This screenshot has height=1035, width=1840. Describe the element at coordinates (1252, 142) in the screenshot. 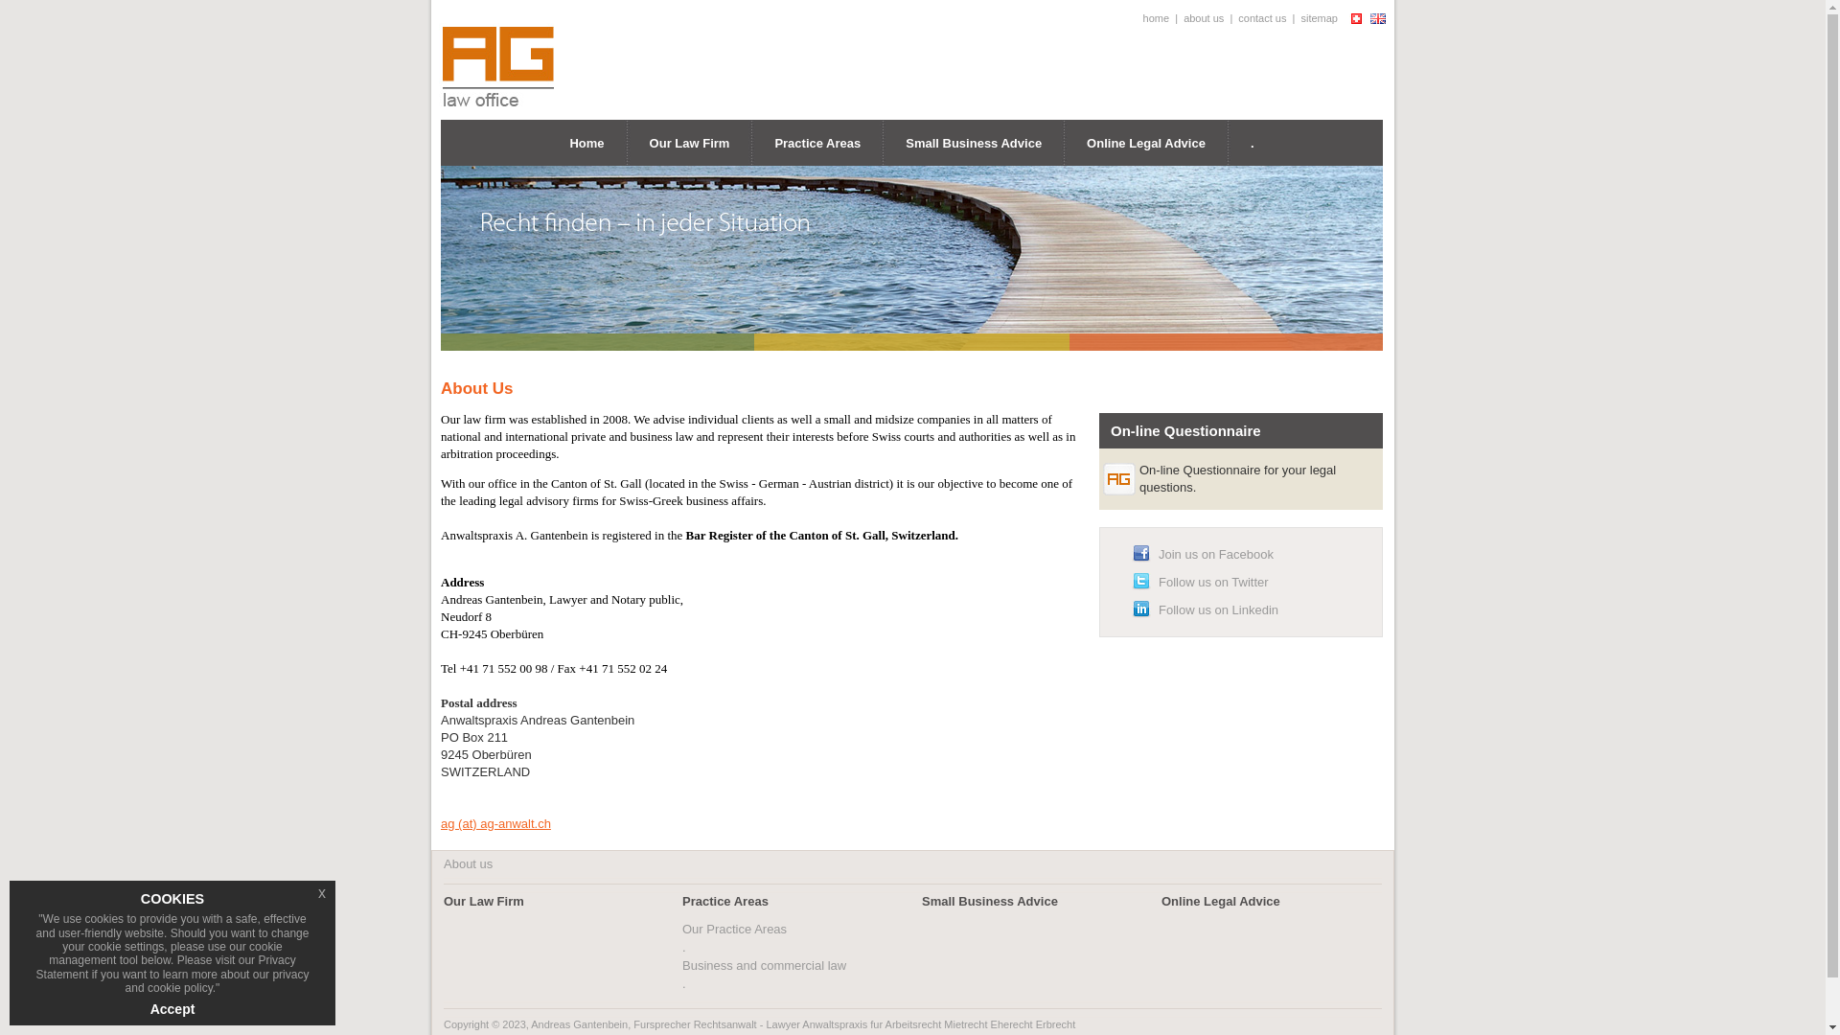

I see `'.'` at that location.